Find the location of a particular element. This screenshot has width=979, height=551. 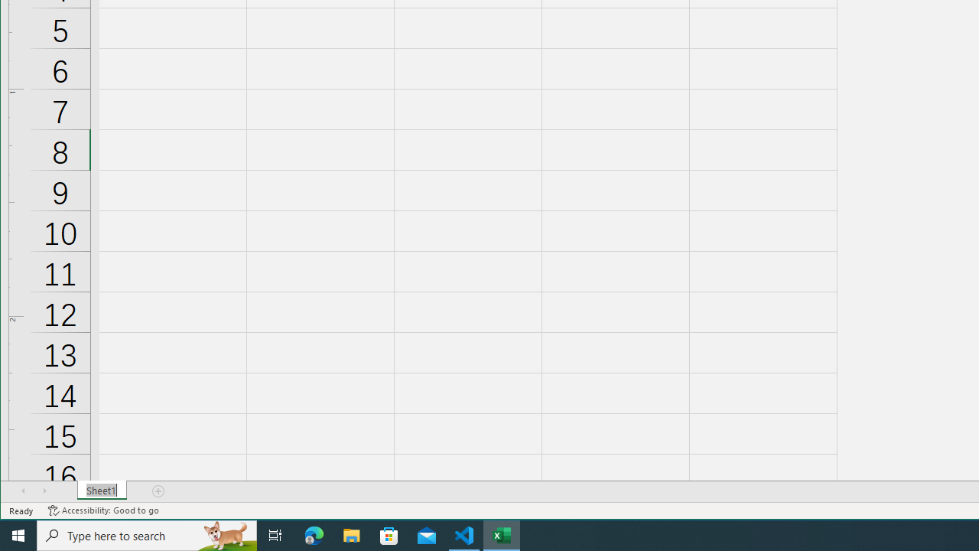

'Microsoft Edge' is located at coordinates (314, 534).